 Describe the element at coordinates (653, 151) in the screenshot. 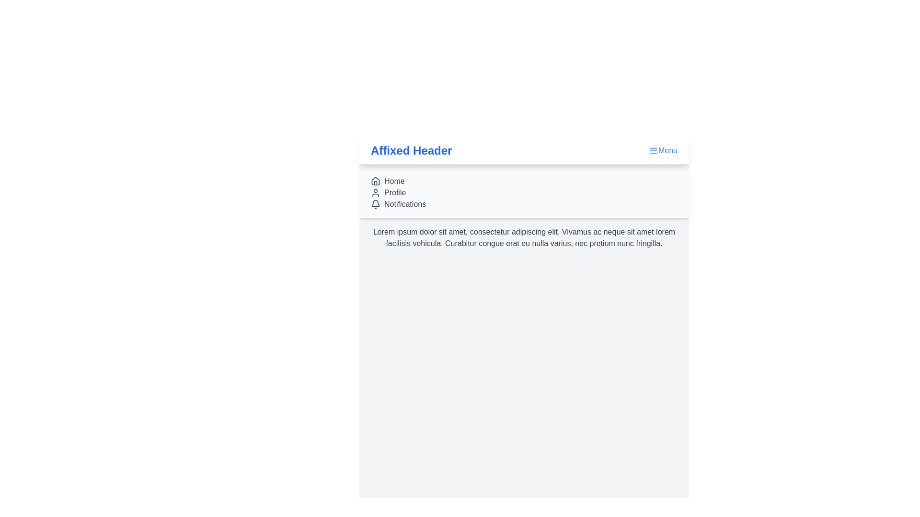

I see `the hamburger menu icon located at the far right of the header section, next to the 'Menu' text label` at that location.